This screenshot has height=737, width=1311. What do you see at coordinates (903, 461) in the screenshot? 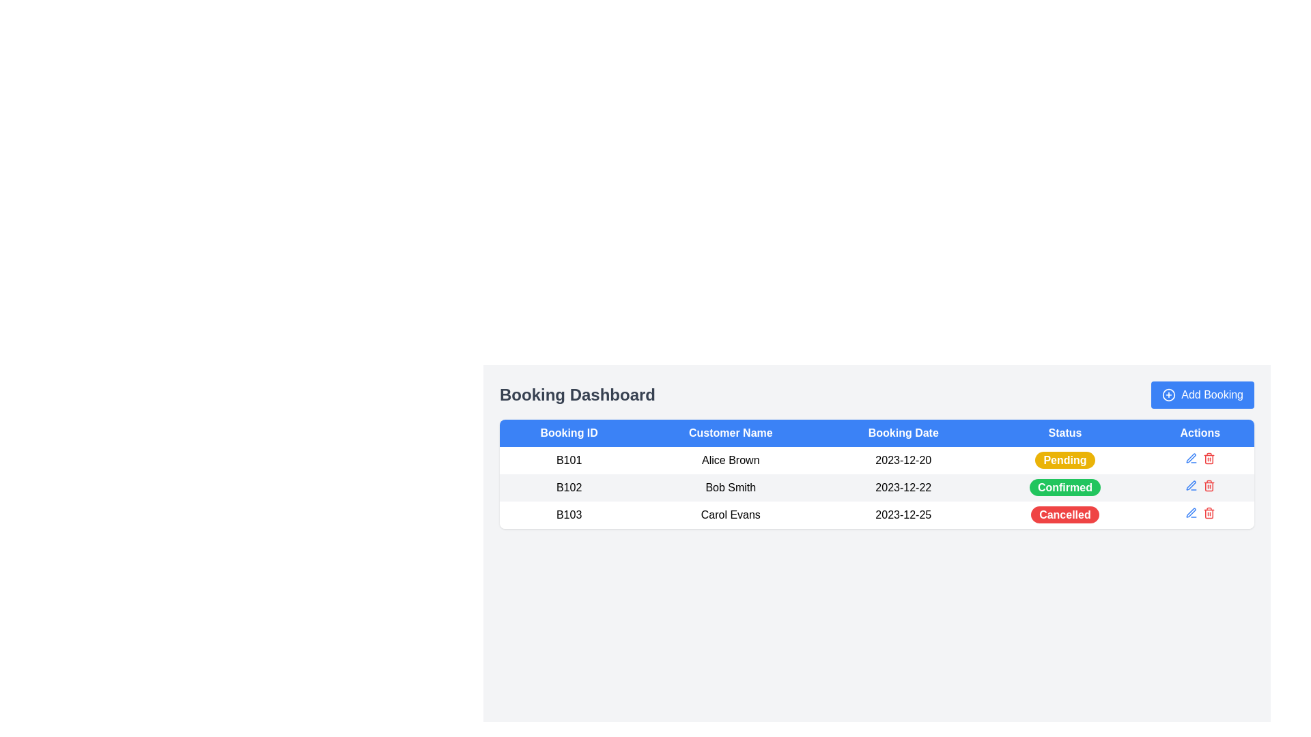
I see `the static text element displaying the date '2023-12-20' in the third column of the first row of the table` at bounding box center [903, 461].